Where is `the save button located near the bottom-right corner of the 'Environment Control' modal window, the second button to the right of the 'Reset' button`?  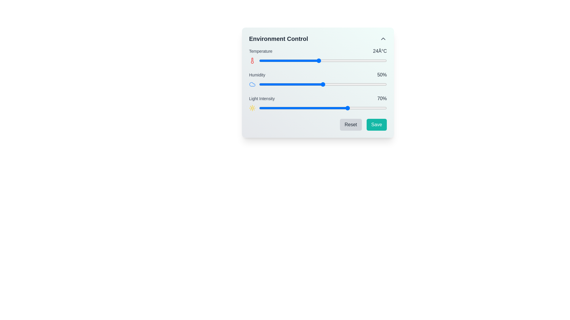 the save button located near the bottom-right corner of the 'Environment Control' modal window, the second button to the right of the 'Reset' button is located at coordinates (376, 124).